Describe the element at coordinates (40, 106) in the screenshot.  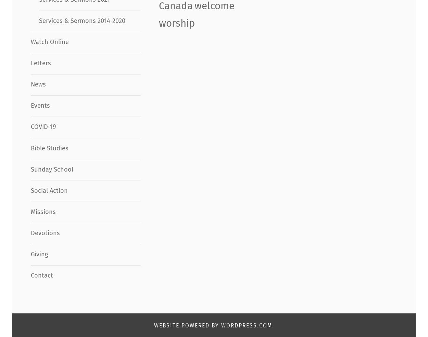
I see `'Events'` at that location.